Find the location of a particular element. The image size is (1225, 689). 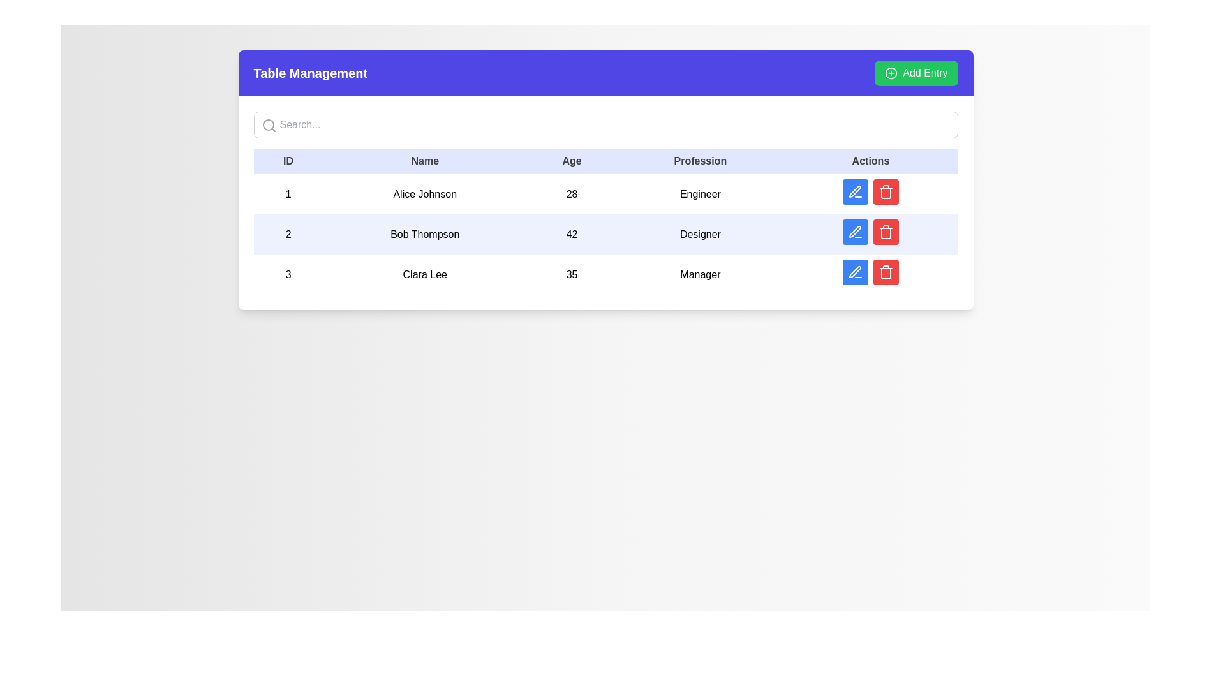

the magnifying glass icon located to the left of the search bar, which indicates search functionality is located at coordinates (268, 125).